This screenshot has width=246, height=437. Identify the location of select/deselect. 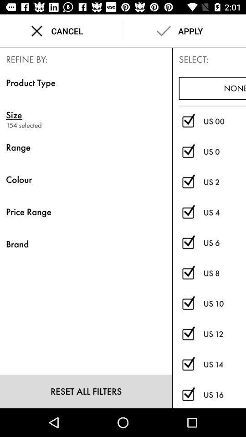
(188, 213).